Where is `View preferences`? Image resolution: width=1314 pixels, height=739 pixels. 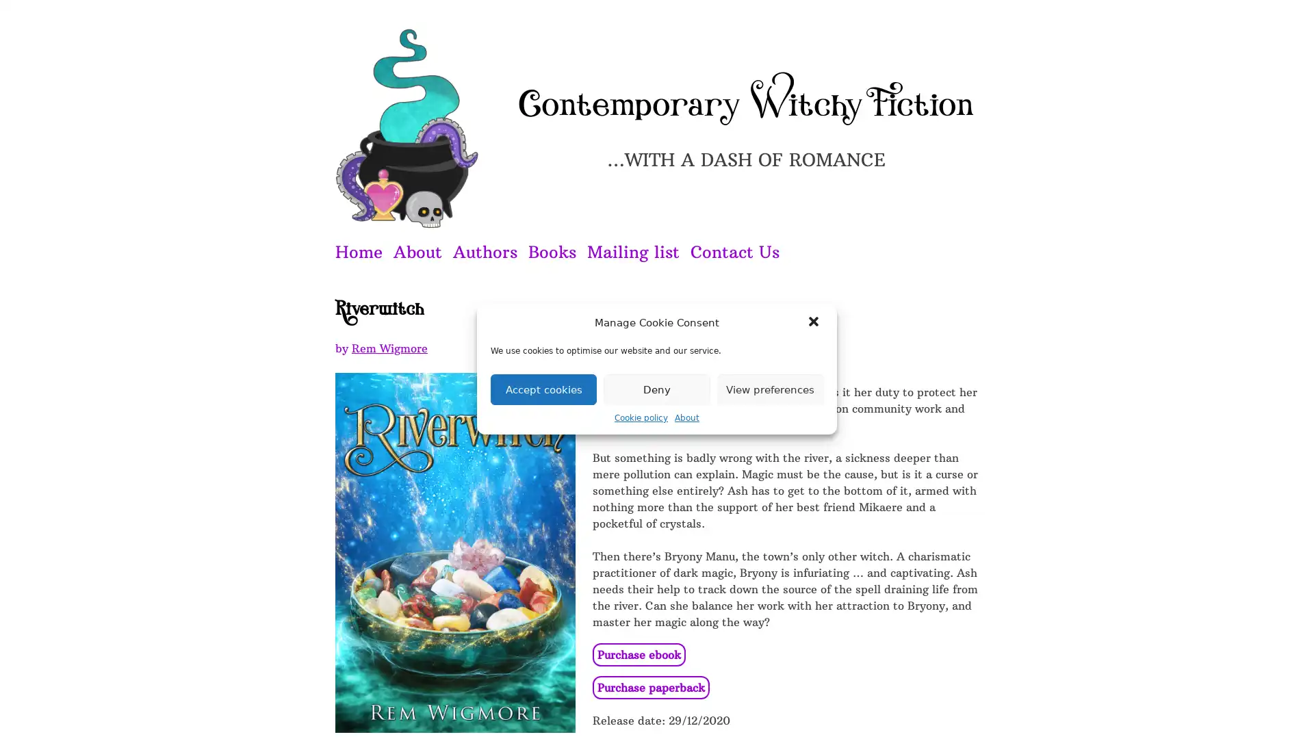 View preferences is located at coordinates (769, 389).